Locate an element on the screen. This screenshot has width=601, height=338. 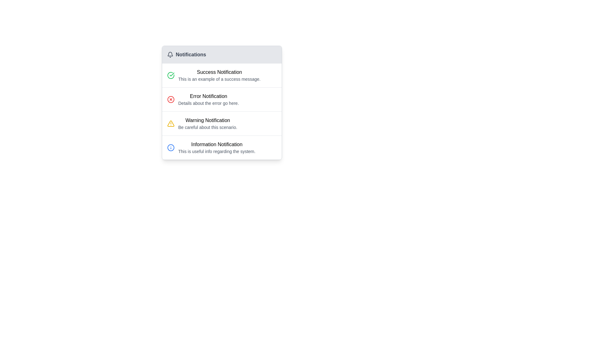
the 'Success Notification' text label to possibly highlight or reveal additional information is located at coordinates (219, 75).